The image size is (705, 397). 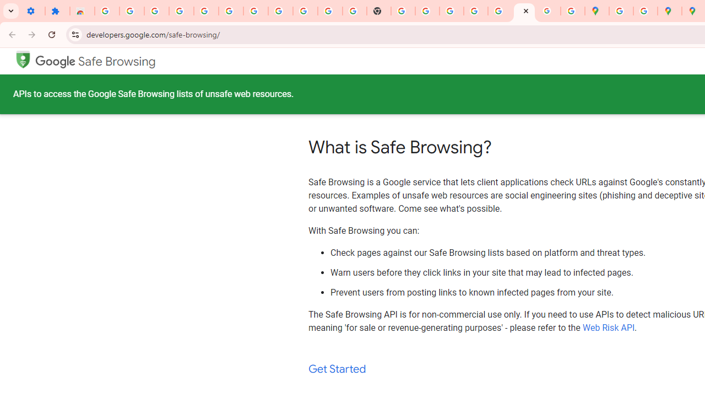 What do you see at coordinates (379, 11) in the screenshot?
I see `'New Tab'` at bounding box center [379, 11].